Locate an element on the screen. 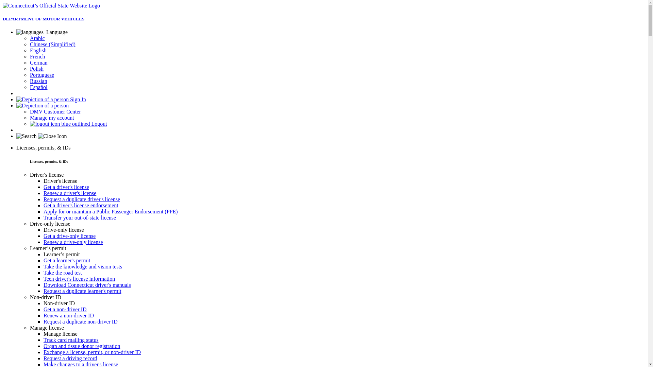  'Take the road test' is located at coordinates (63, 272).